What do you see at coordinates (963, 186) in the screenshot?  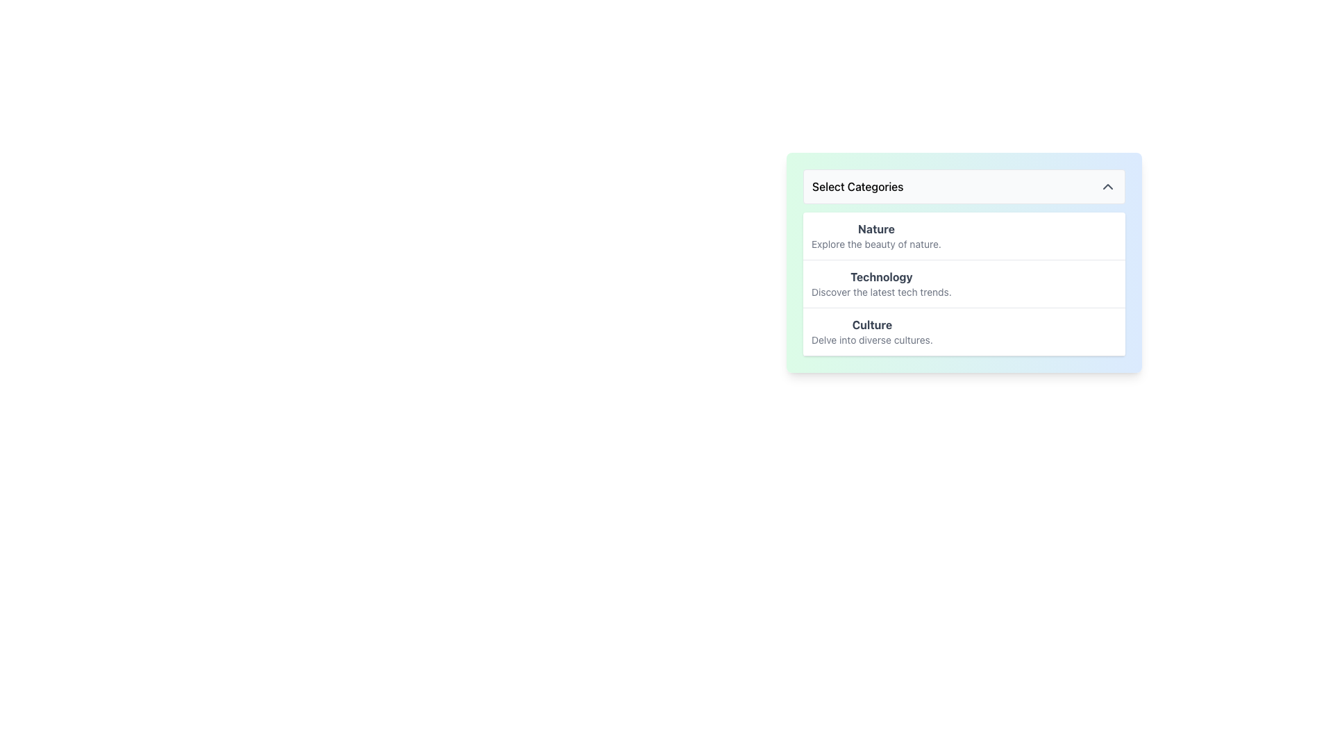 I see `the Dropdown Trigger labeled 'Select Categories'` at bounding box center [963, 186].